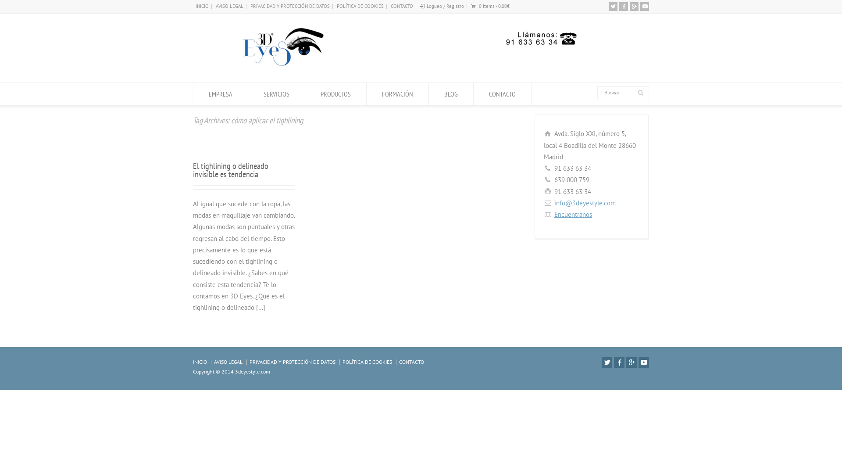 The width and height of the screenshot is (842, 474). What do you see at coordinates (618, 362) in the screenshot?
I see `'Facebook'` at bounding box center [618, 362].